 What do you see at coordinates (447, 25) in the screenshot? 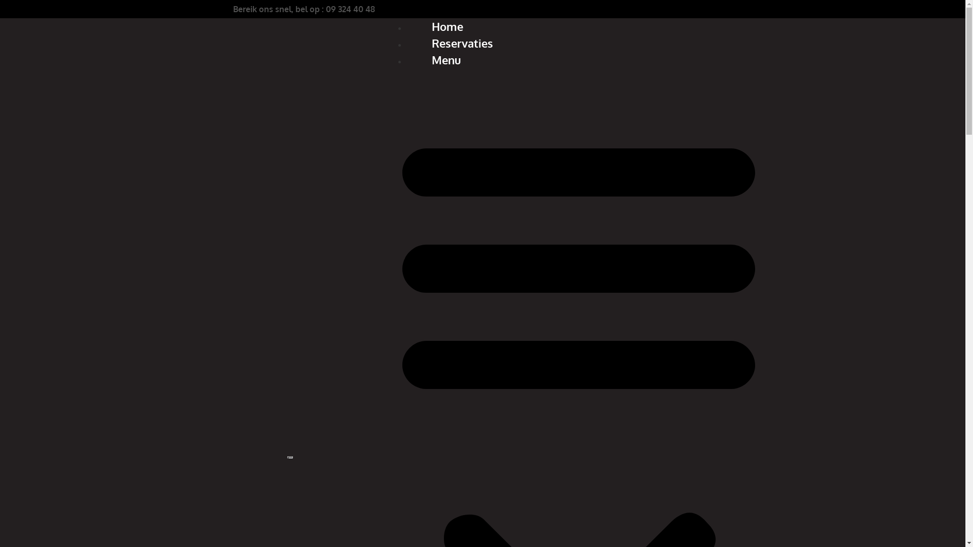
I see `'Home'` at bounding box center [447, 25].